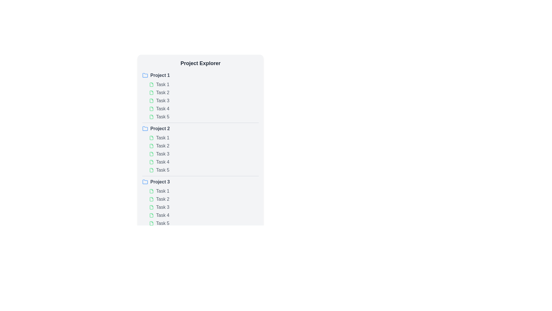 The width and height of the screenshot is (552, 311). What do you see at coordinates (145, 75) in the screenshot?
I see `the folder icon, which is a small rounded blue-outlined folder positioned next to the text label 'Project 1' in the 'Project Explorer' section` at bounding box center [145, 75].